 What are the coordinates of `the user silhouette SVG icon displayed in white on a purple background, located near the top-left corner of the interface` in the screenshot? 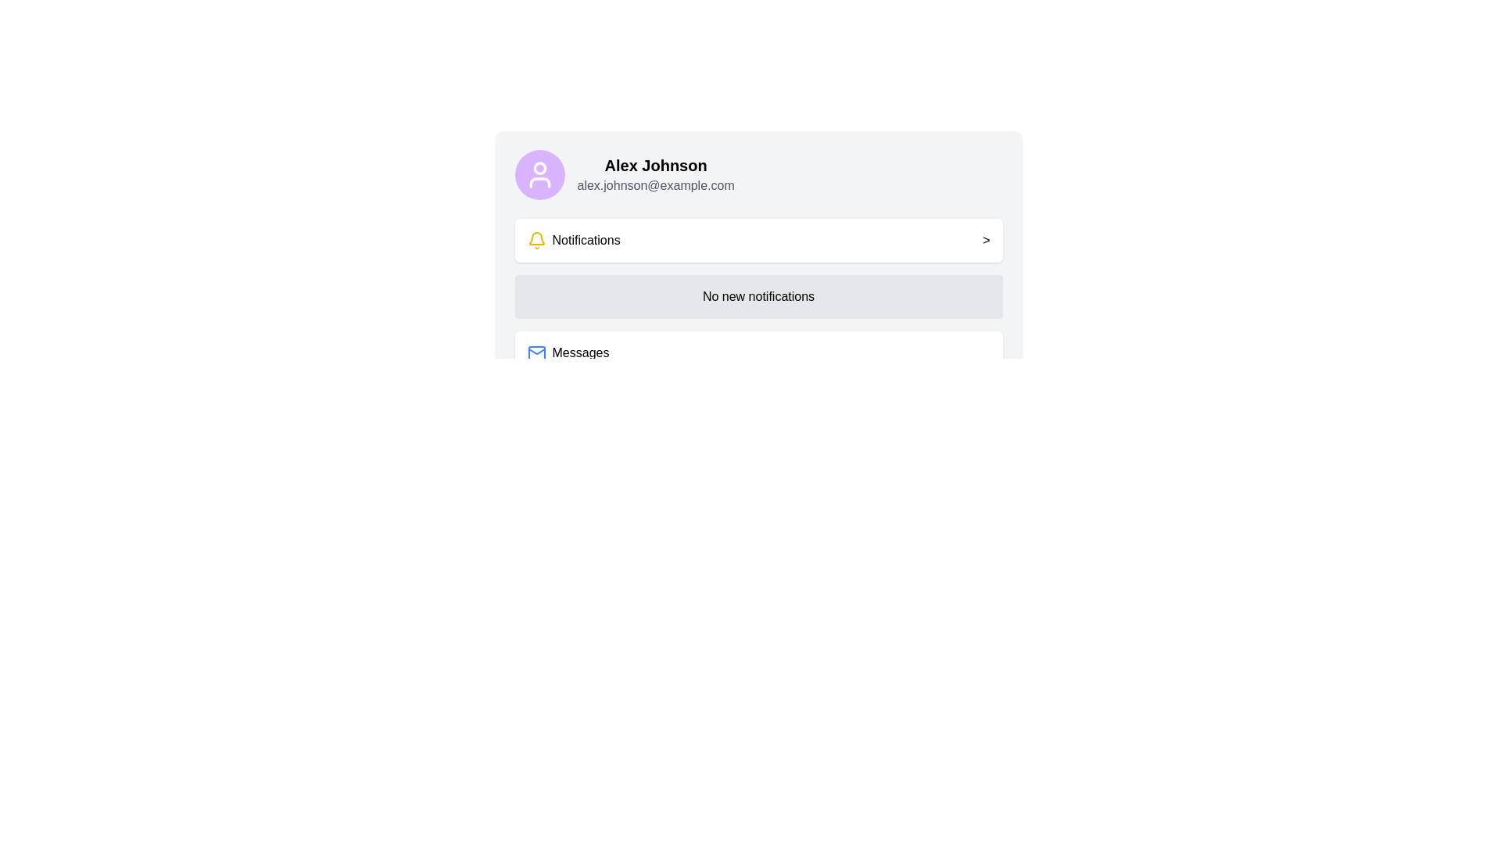 It's located at (539, 174).